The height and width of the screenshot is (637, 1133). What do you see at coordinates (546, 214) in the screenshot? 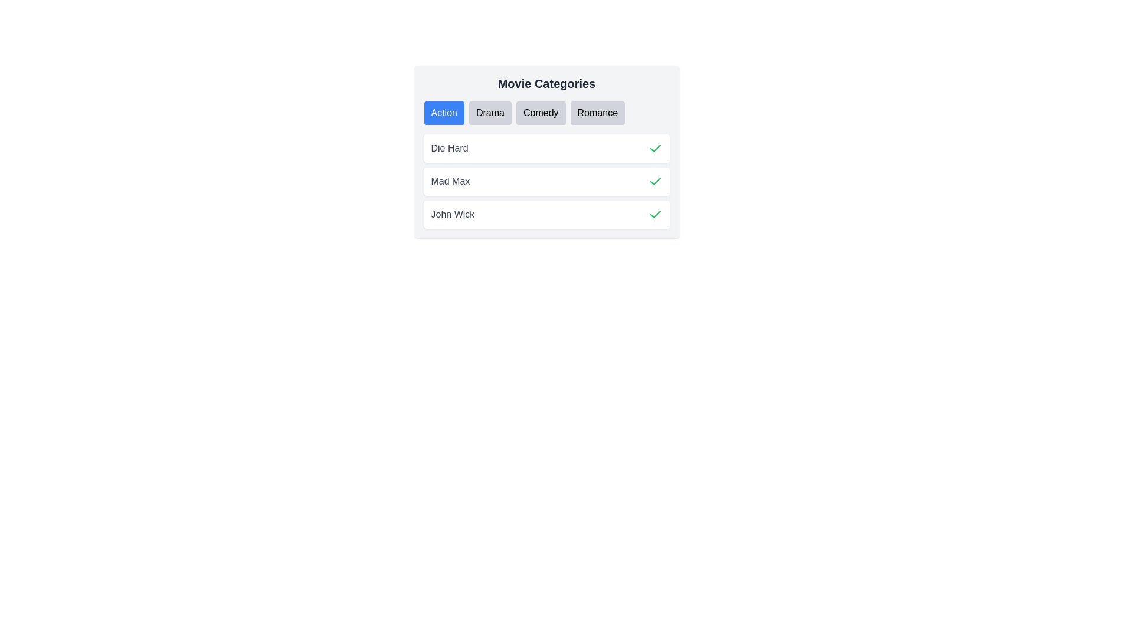
I see `the List item containing the text 'John Wick' and a green checkmark icon for interaction` at bounding box center [546, 214].